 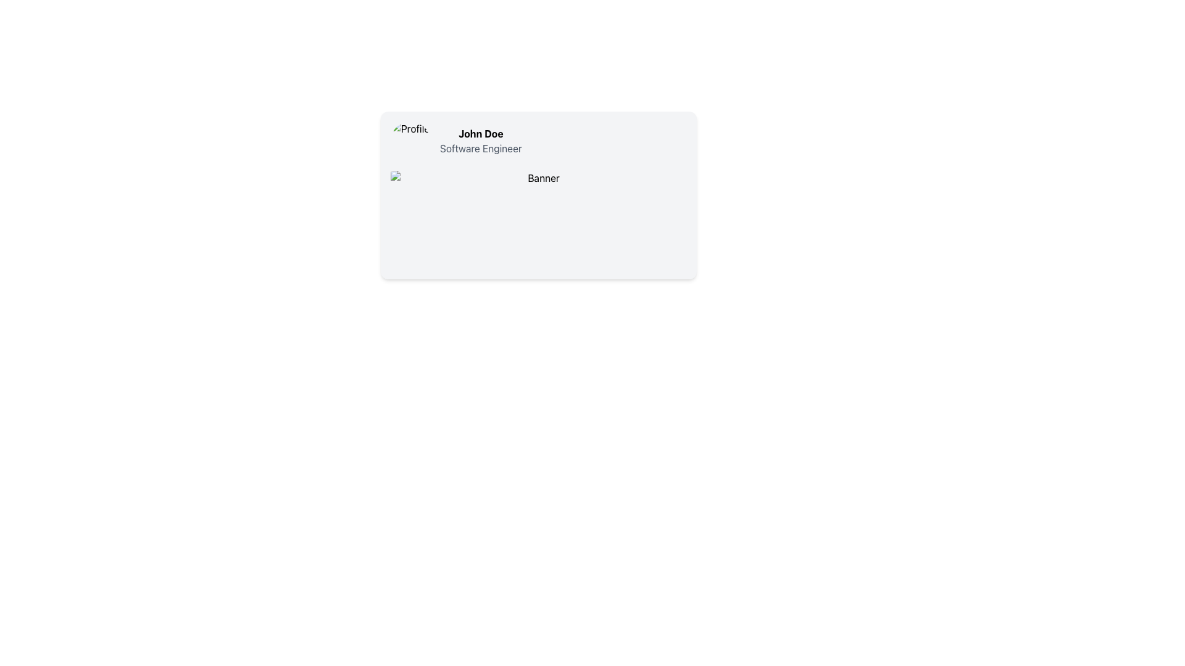 I want to click on the Text Display element that shows the user's name 'John Doe' and title 'Software Engineer', located to the right of the profile image, so click(x=480, y=140).